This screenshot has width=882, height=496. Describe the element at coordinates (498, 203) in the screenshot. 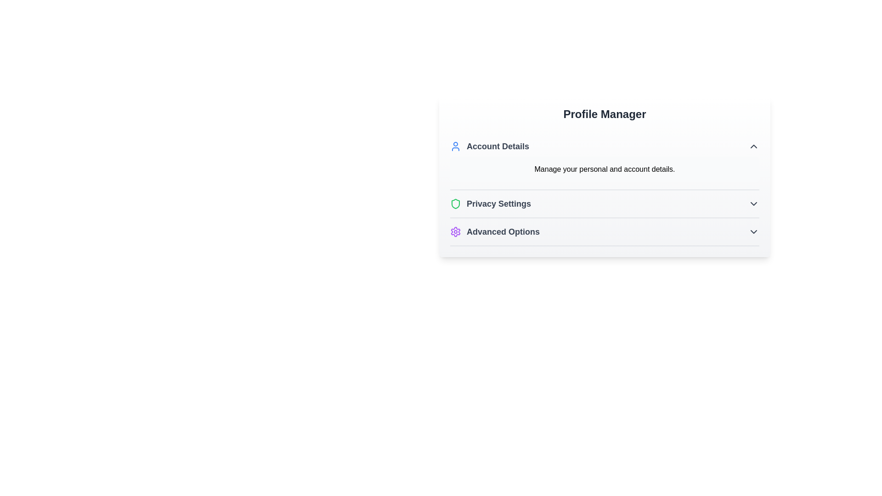

I see `the 'Privacy Settings' text label, which is styled in bold, dark text and is the second item in the vertical list of menu options within the 'Profile Manager' section` at that location.